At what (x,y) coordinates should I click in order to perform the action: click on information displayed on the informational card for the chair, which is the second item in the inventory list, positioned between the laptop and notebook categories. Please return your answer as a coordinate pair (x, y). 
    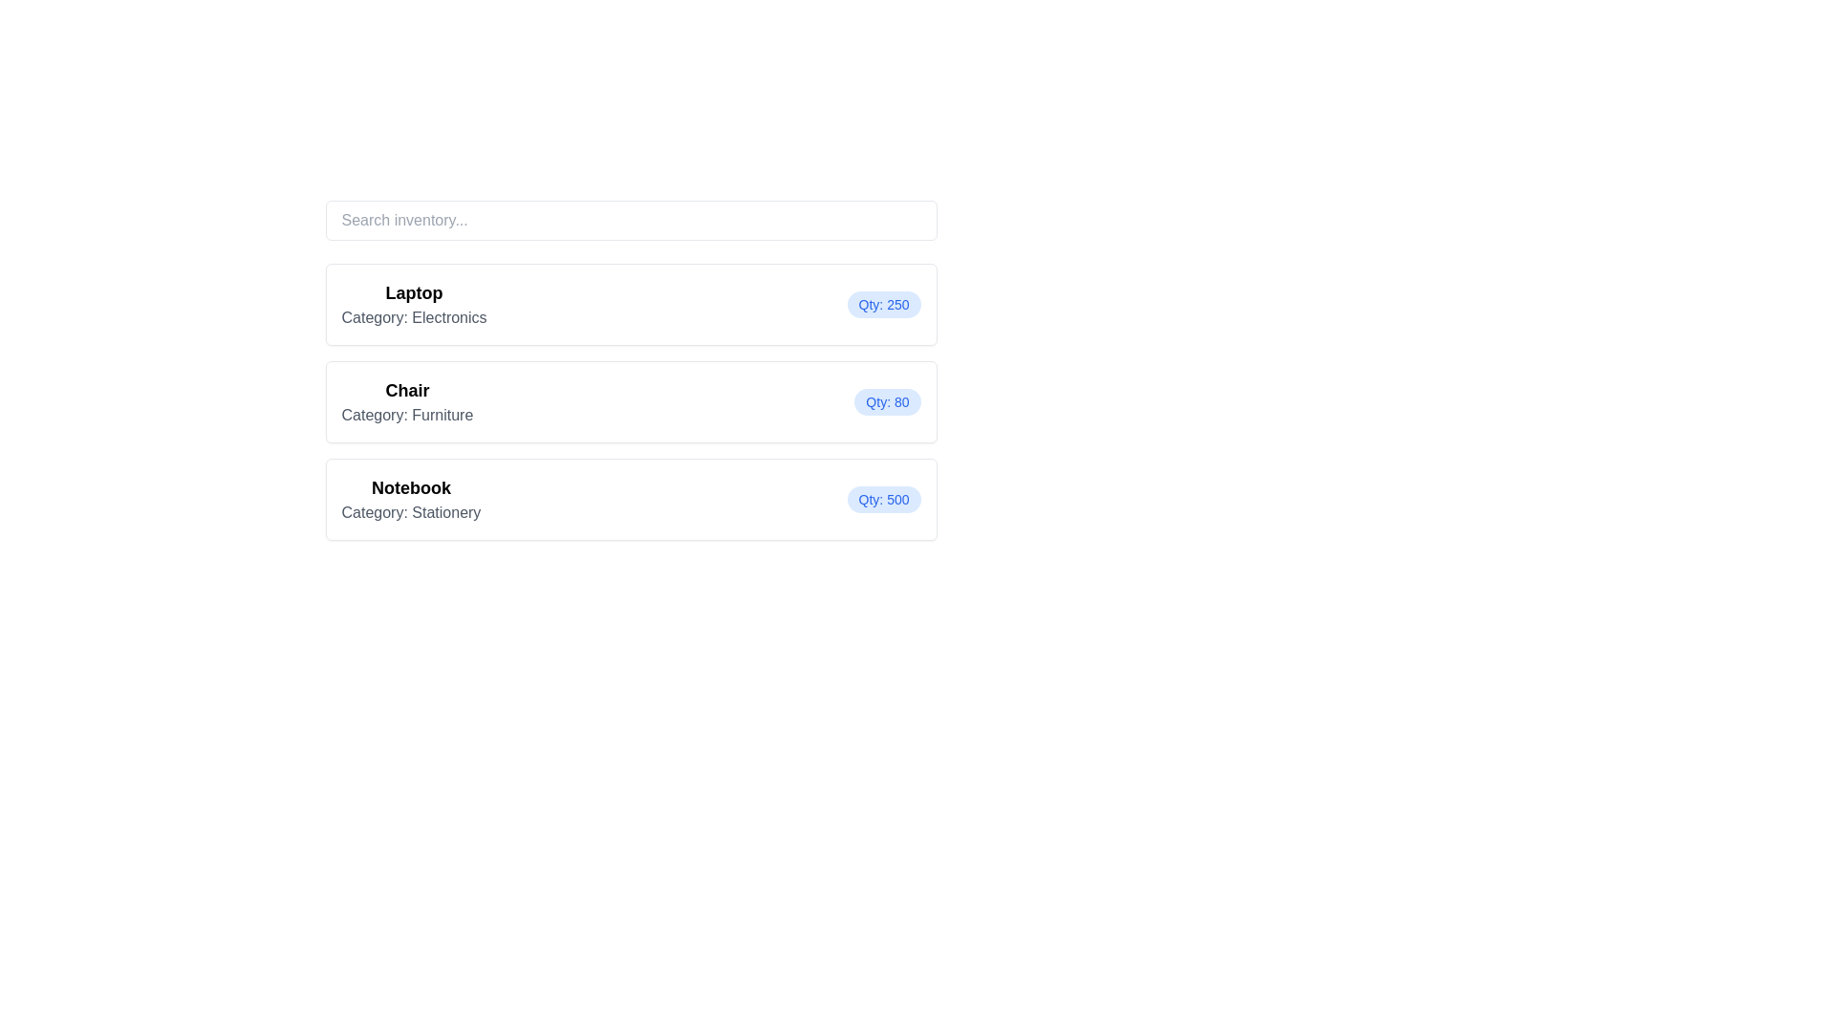
    Looking at the image, I should click on (631, 400).